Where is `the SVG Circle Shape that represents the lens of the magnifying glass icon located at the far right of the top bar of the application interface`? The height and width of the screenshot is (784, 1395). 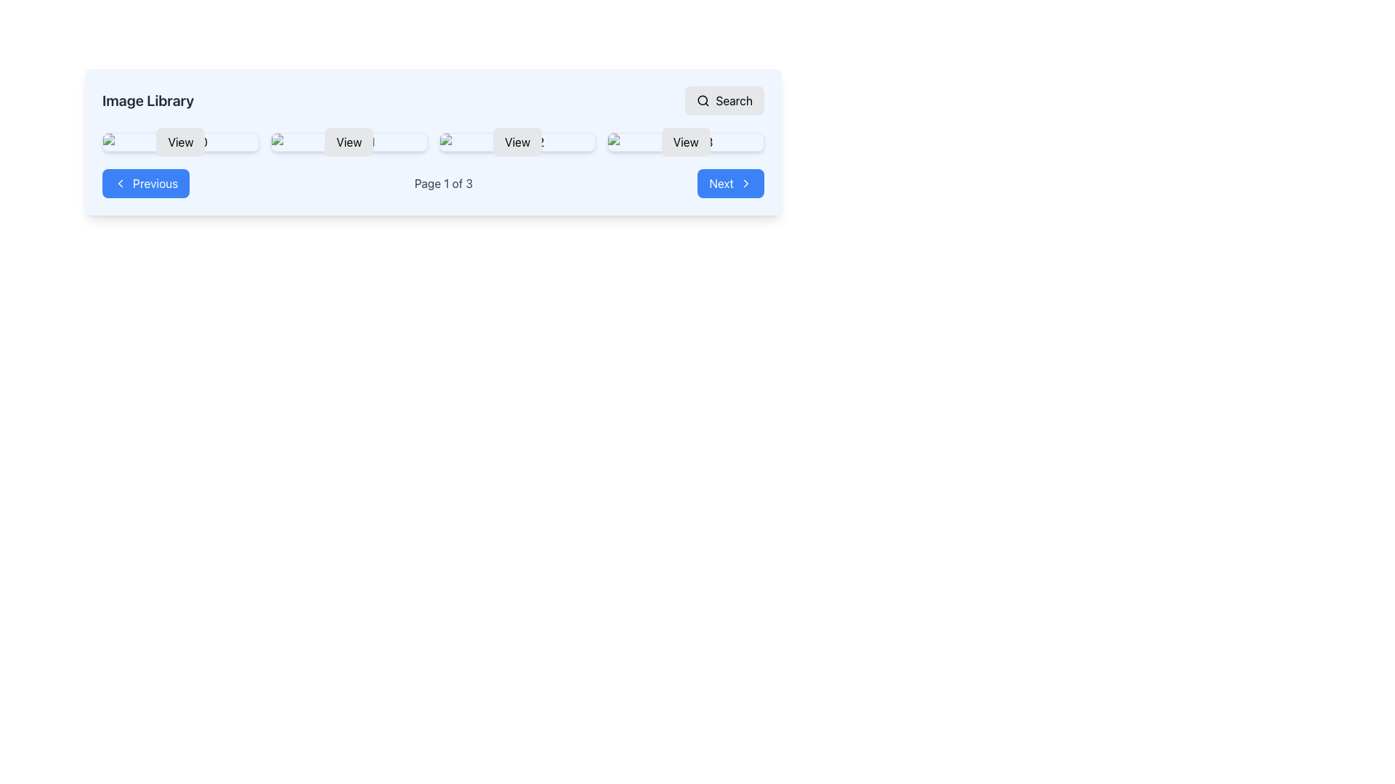 the SVG Circle Shape that represents the lens of the magnifying glass icon located at the far right of the top bar of the application interface is located at coordinates (703, 99).